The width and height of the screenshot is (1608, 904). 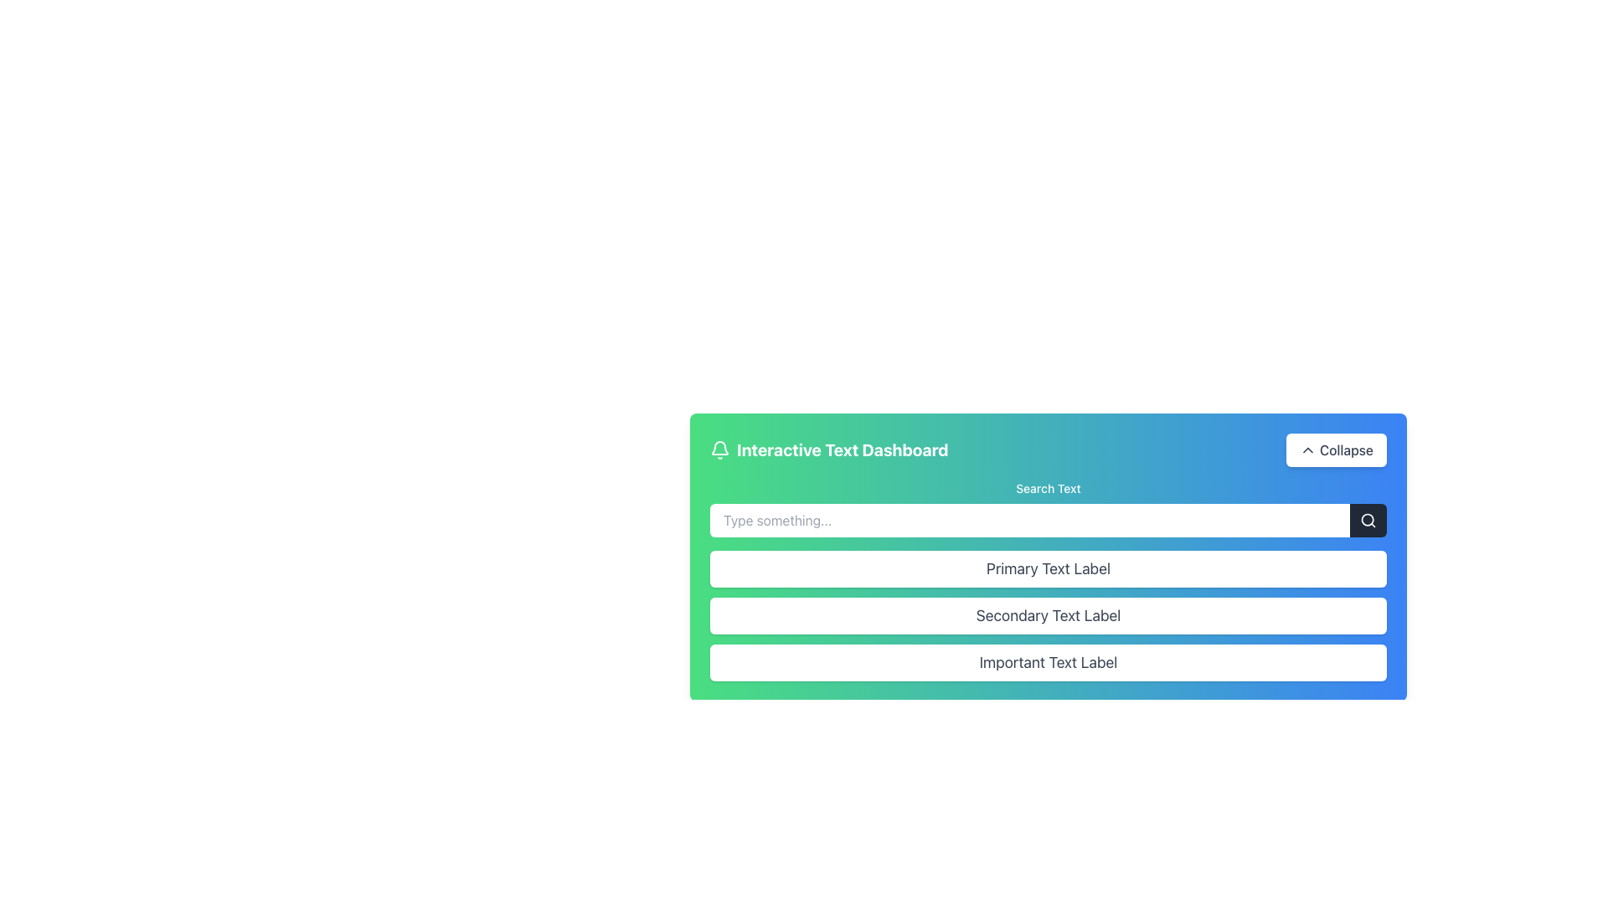 I want to click on text content of the white text label located at the center of the interactive dashboard, positioned beneath the search input field and above two similar labels, so click(x=1048, y=546).